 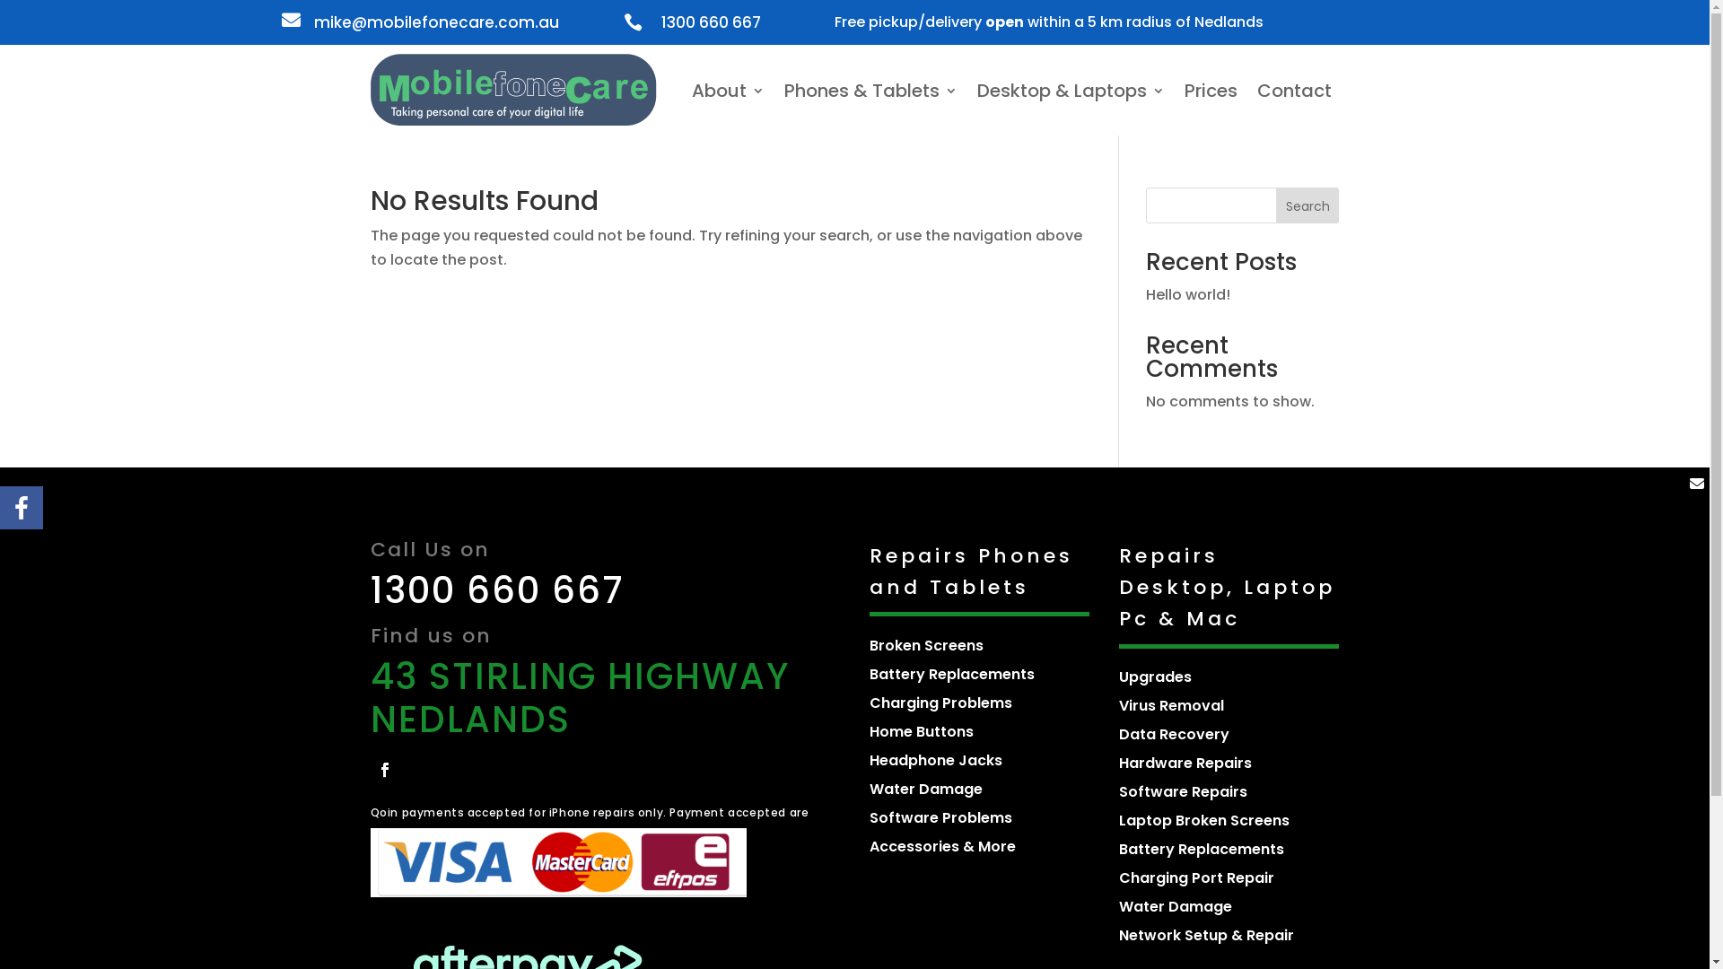 What do you see at coordinates (870, 702) in the screenshot?
I see `'Charging Problems'` at bounding box center [870, 702].